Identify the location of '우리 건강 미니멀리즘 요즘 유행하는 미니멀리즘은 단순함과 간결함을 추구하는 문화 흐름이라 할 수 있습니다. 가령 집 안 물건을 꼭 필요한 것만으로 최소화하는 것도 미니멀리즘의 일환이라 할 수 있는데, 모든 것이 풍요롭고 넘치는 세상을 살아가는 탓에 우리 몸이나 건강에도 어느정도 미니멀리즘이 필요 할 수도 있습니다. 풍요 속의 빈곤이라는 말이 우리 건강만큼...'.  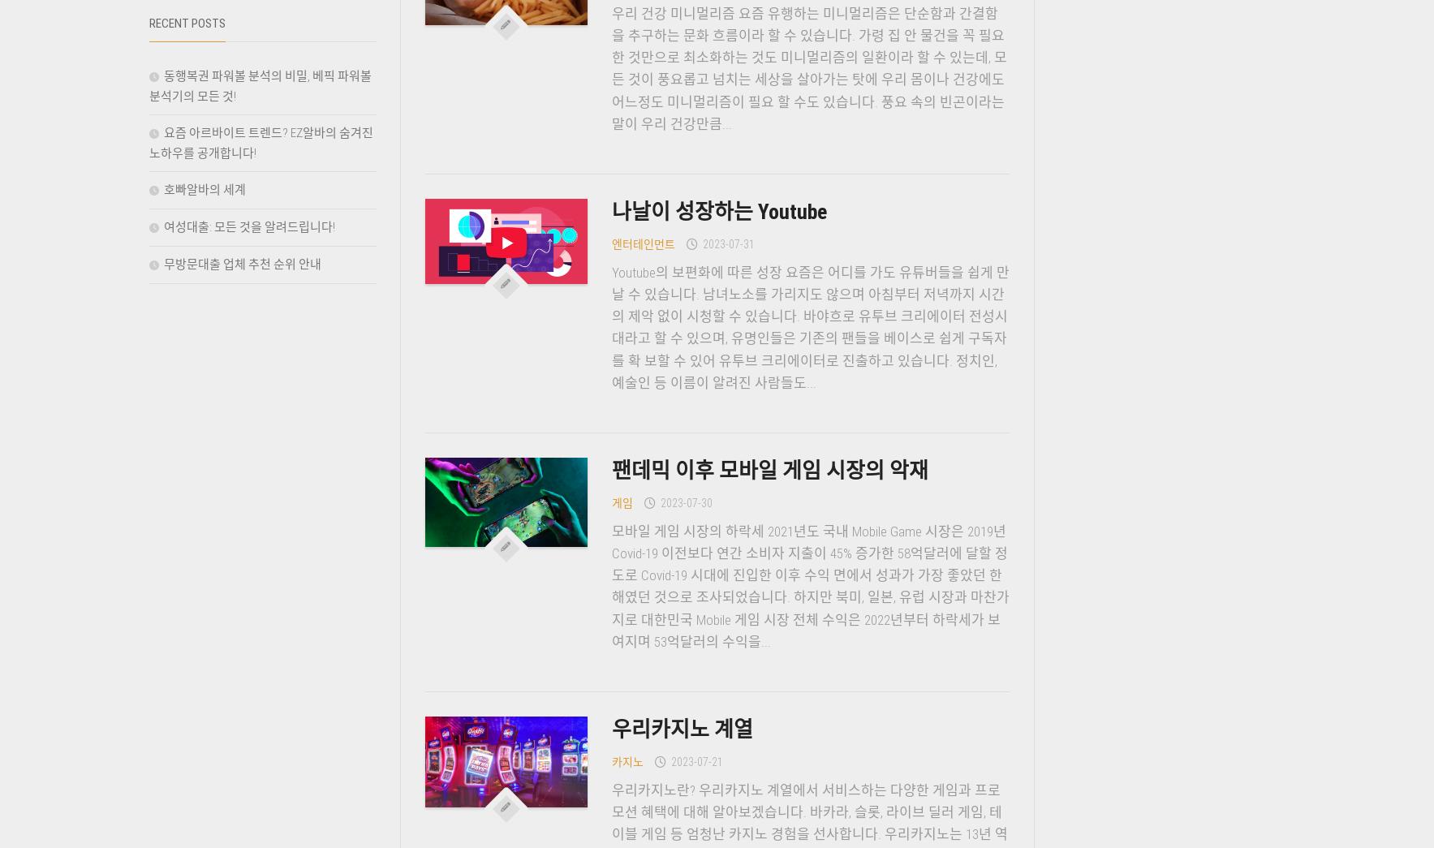
(808, 68).